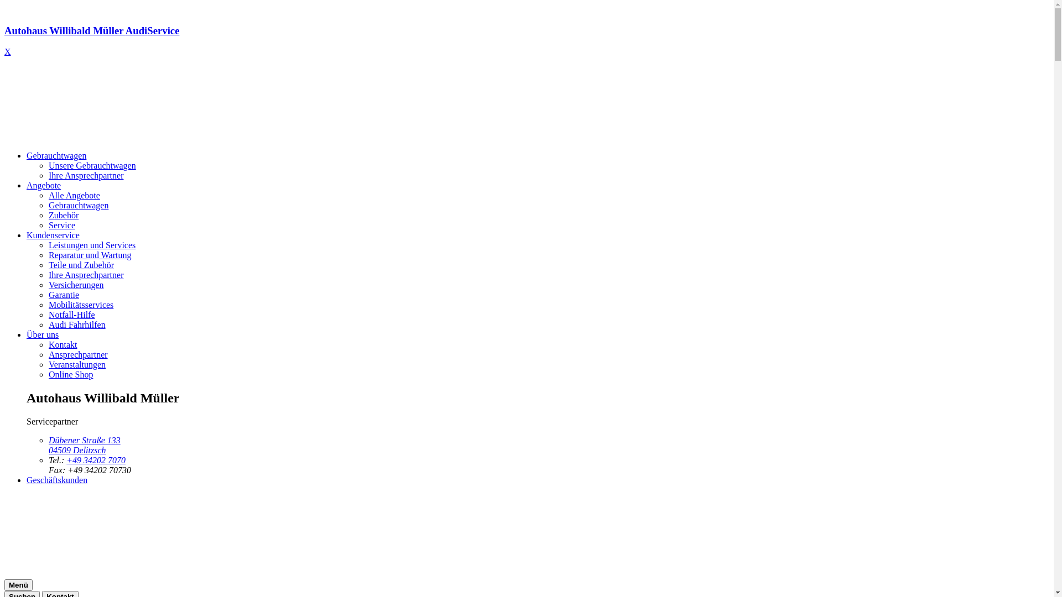 The width and height of the screenshot is (1062, 597). I want to click on 'Audi Fahrhilfen', so click(76, 324).